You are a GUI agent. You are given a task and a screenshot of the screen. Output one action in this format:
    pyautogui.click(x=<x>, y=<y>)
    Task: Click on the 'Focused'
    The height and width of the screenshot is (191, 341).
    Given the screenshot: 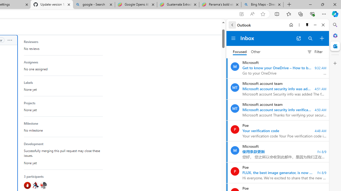 What is the action you would take?
    pyautogui.click(x=239, y=52)
    